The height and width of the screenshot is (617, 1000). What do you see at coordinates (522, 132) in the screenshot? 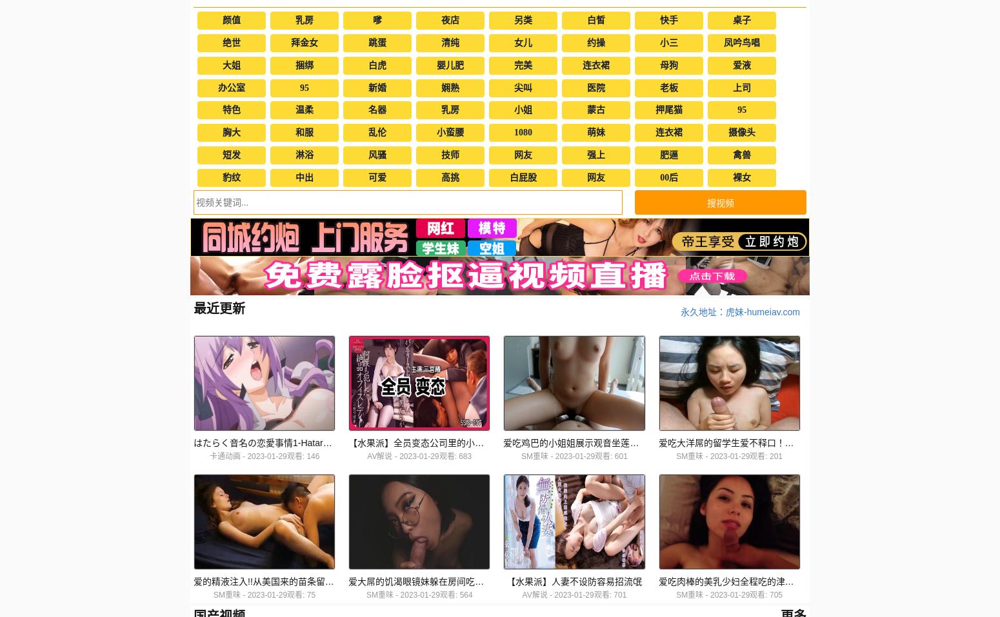
I see `'1080'` at bounding box center [522, 132].